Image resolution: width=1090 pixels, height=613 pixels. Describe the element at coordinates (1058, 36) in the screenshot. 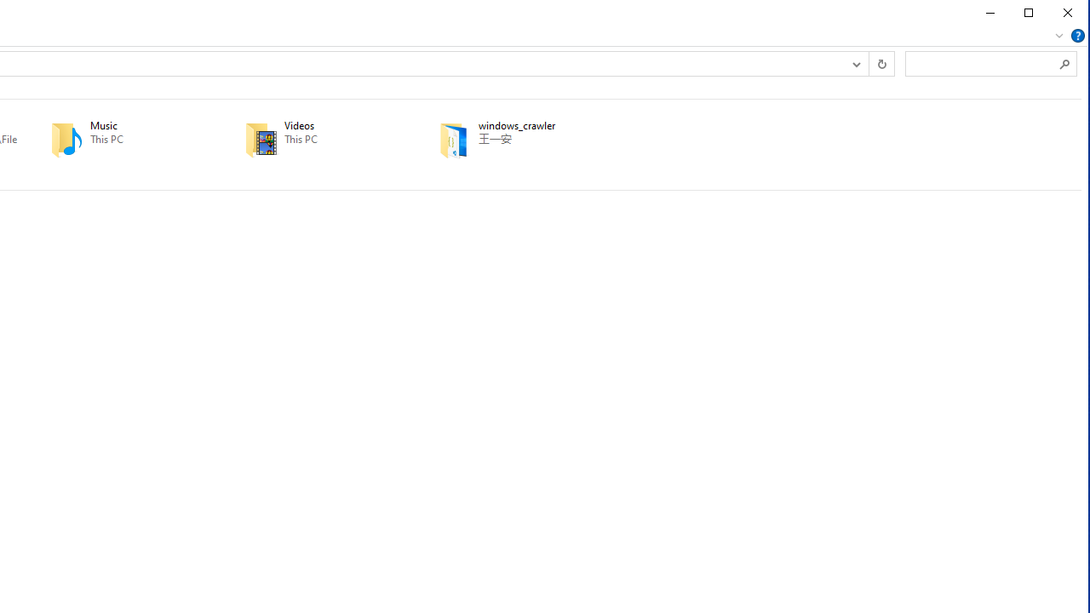

I see `'Minimize the Ribbon'` at that location.